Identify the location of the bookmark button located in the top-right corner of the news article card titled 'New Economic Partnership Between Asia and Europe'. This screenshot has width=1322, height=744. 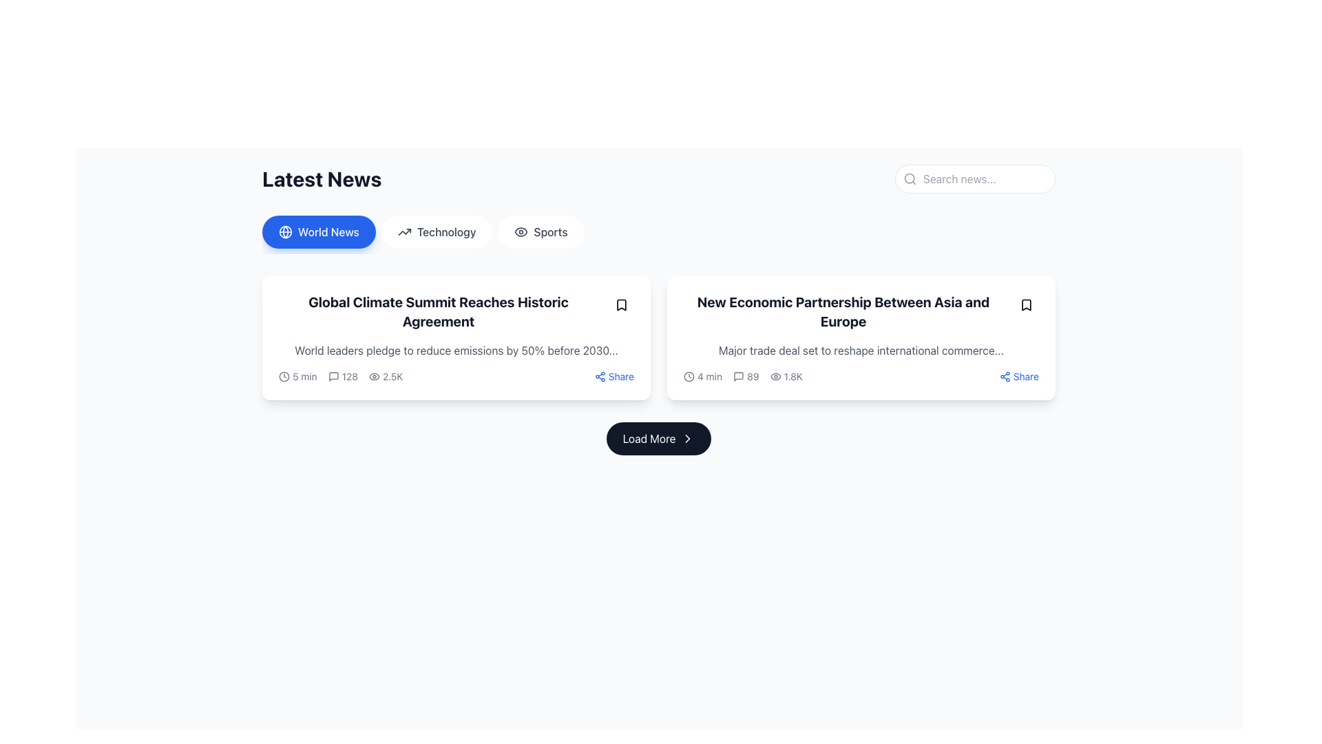
(1027, 304).